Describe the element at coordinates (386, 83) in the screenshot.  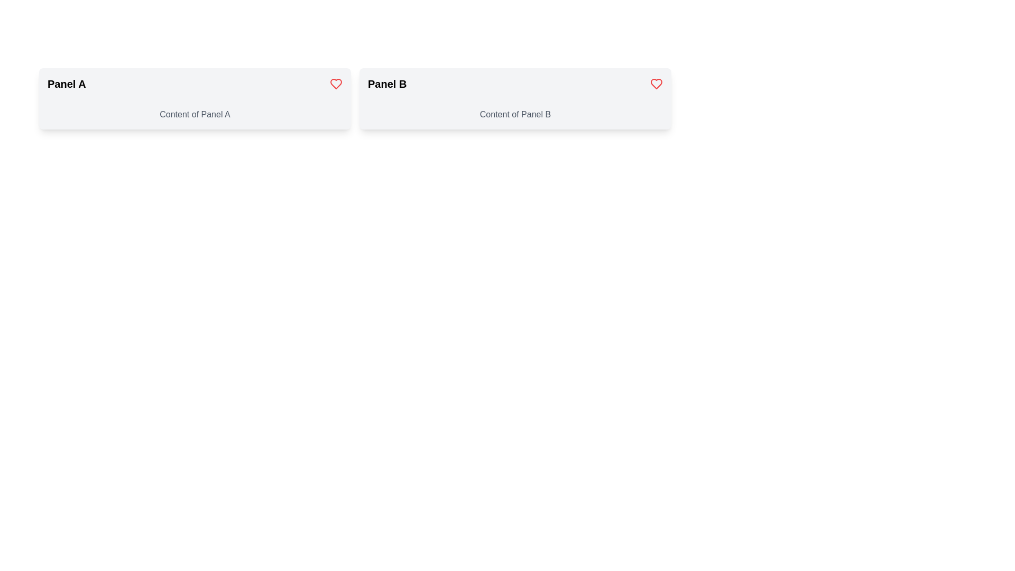
I see `title text of the panel located to the right of 'Panel A', positioned at the left side of the panel header` at that location.